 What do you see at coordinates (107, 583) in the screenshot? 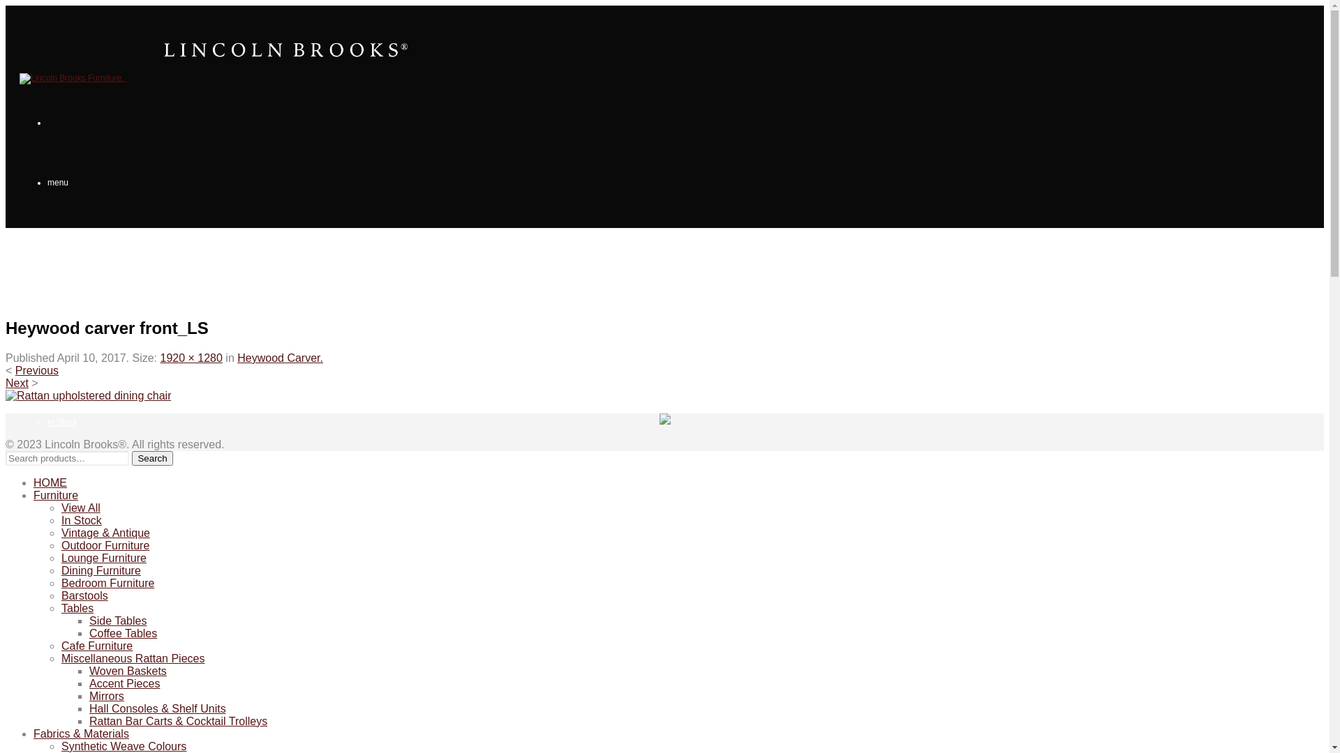
I see `'Bedroom Furniture'` at bounding box center [107, 583].